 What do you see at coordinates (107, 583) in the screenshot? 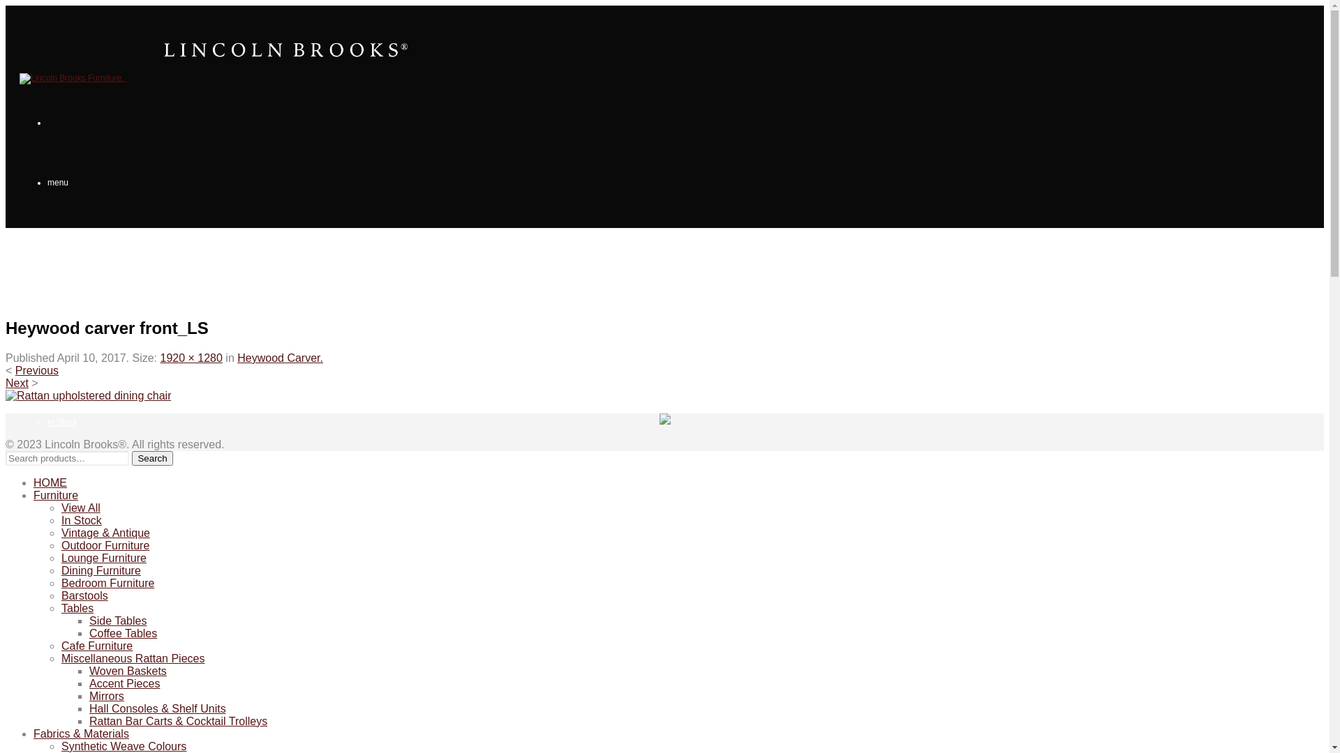
I see `'Bedroom Furniture'` at bounding box center [107, 583].